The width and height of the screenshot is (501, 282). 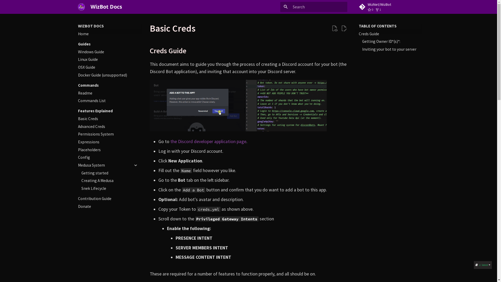 I want to click on 'the Discord developer application page', so click(x=208, y=142).